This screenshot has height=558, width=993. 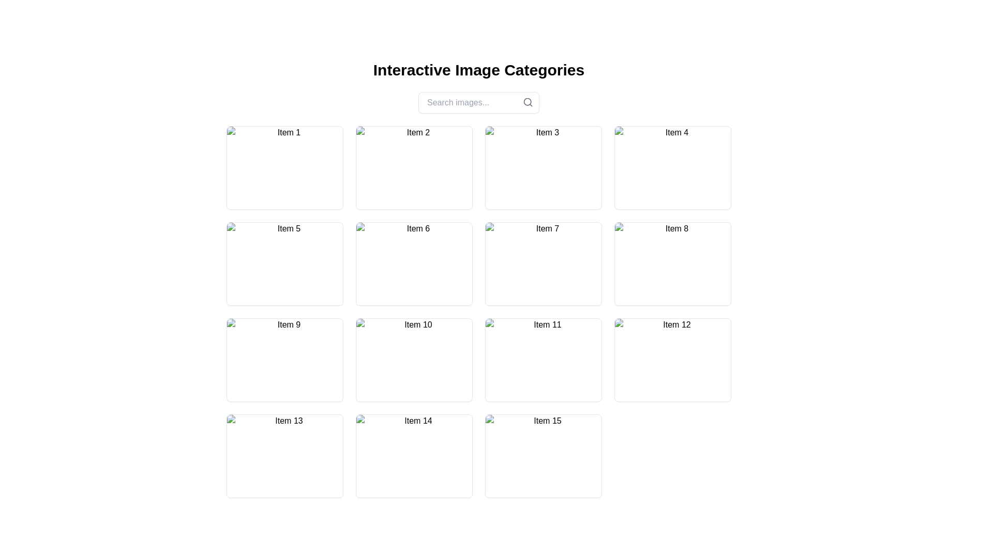 I want to click on the eighth card in the grid layout located in the second row, fourth column, so click(x=672, y=263).